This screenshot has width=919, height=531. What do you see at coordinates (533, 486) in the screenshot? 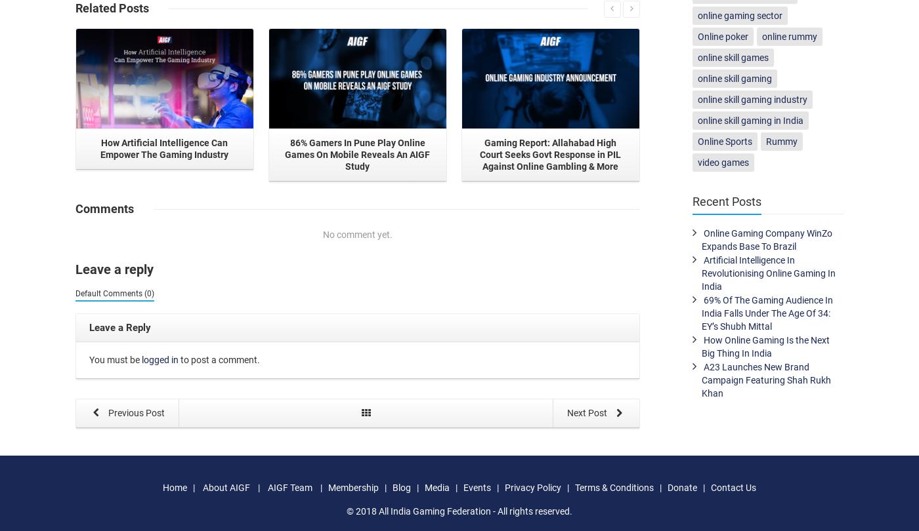
I see `'Privacy Policy'` at bounding box center [533, 486].